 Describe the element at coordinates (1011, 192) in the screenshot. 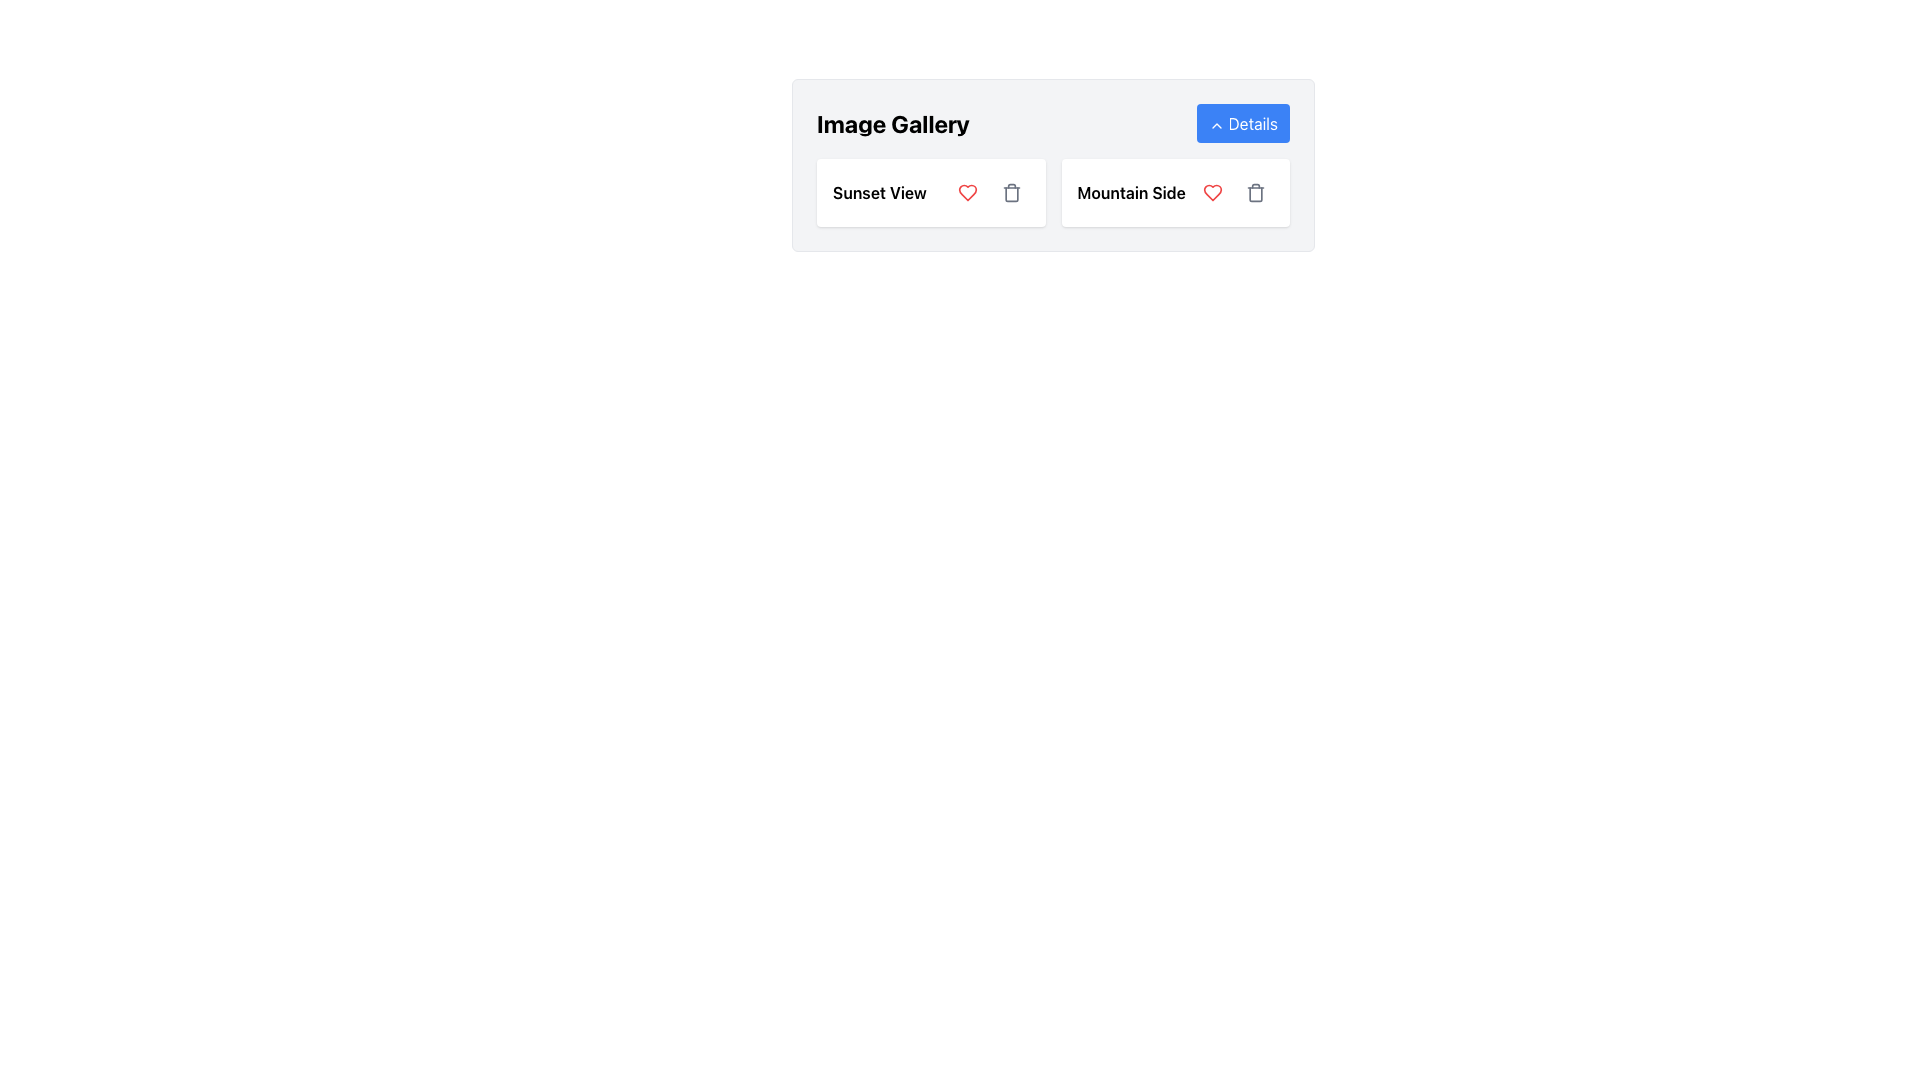

I see `the trash can icon button located next to the text 'Sunset View' in the 'Image Gallery' section` at that location.